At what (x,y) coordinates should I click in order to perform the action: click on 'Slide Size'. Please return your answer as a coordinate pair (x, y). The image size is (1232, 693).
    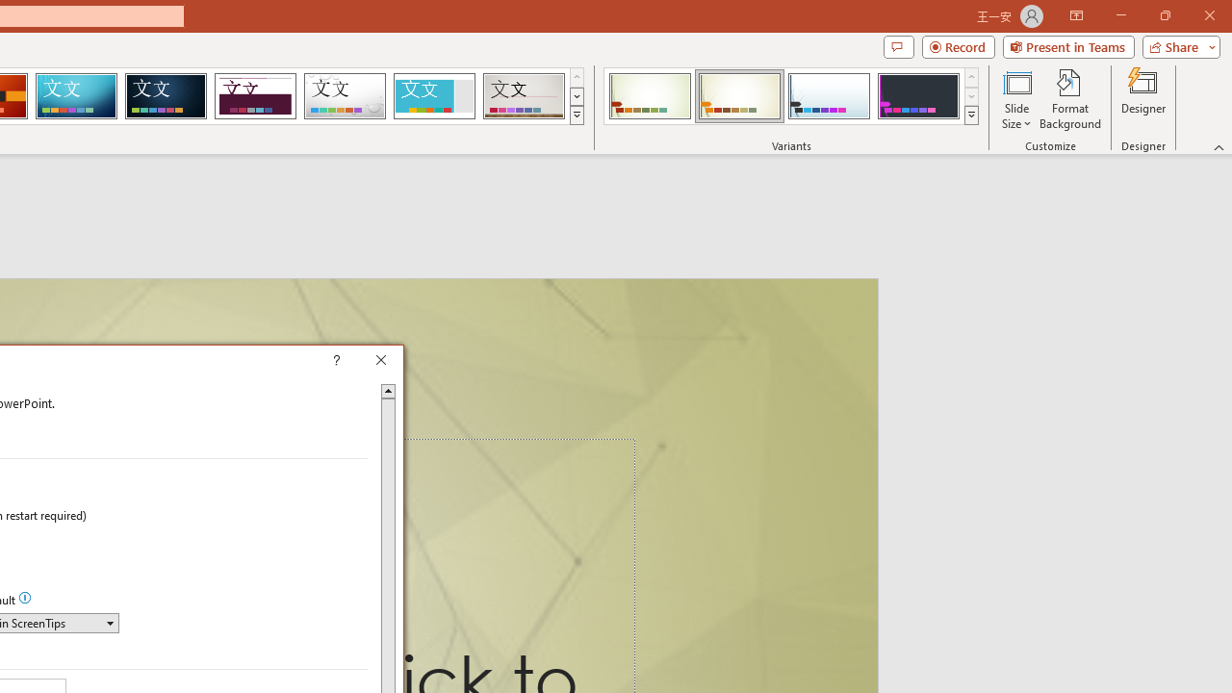
    Looking at the image, I should click on (1015, 99).